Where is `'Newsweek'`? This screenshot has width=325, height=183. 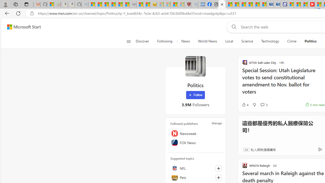 'Newsweek' is located at coordinates (195, 133).